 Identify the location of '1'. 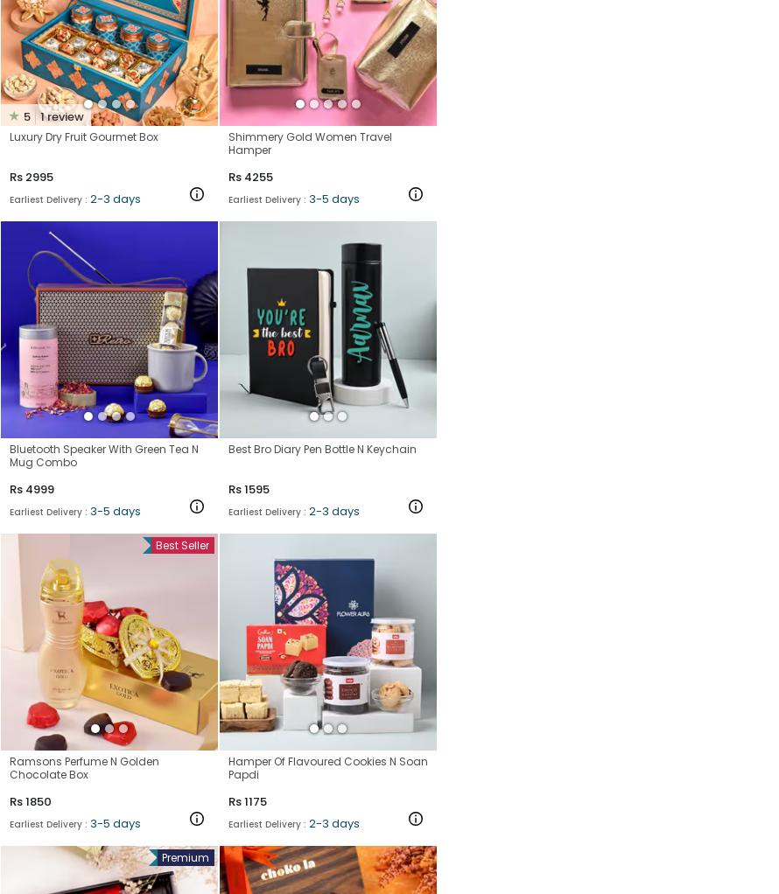
(42, 115).